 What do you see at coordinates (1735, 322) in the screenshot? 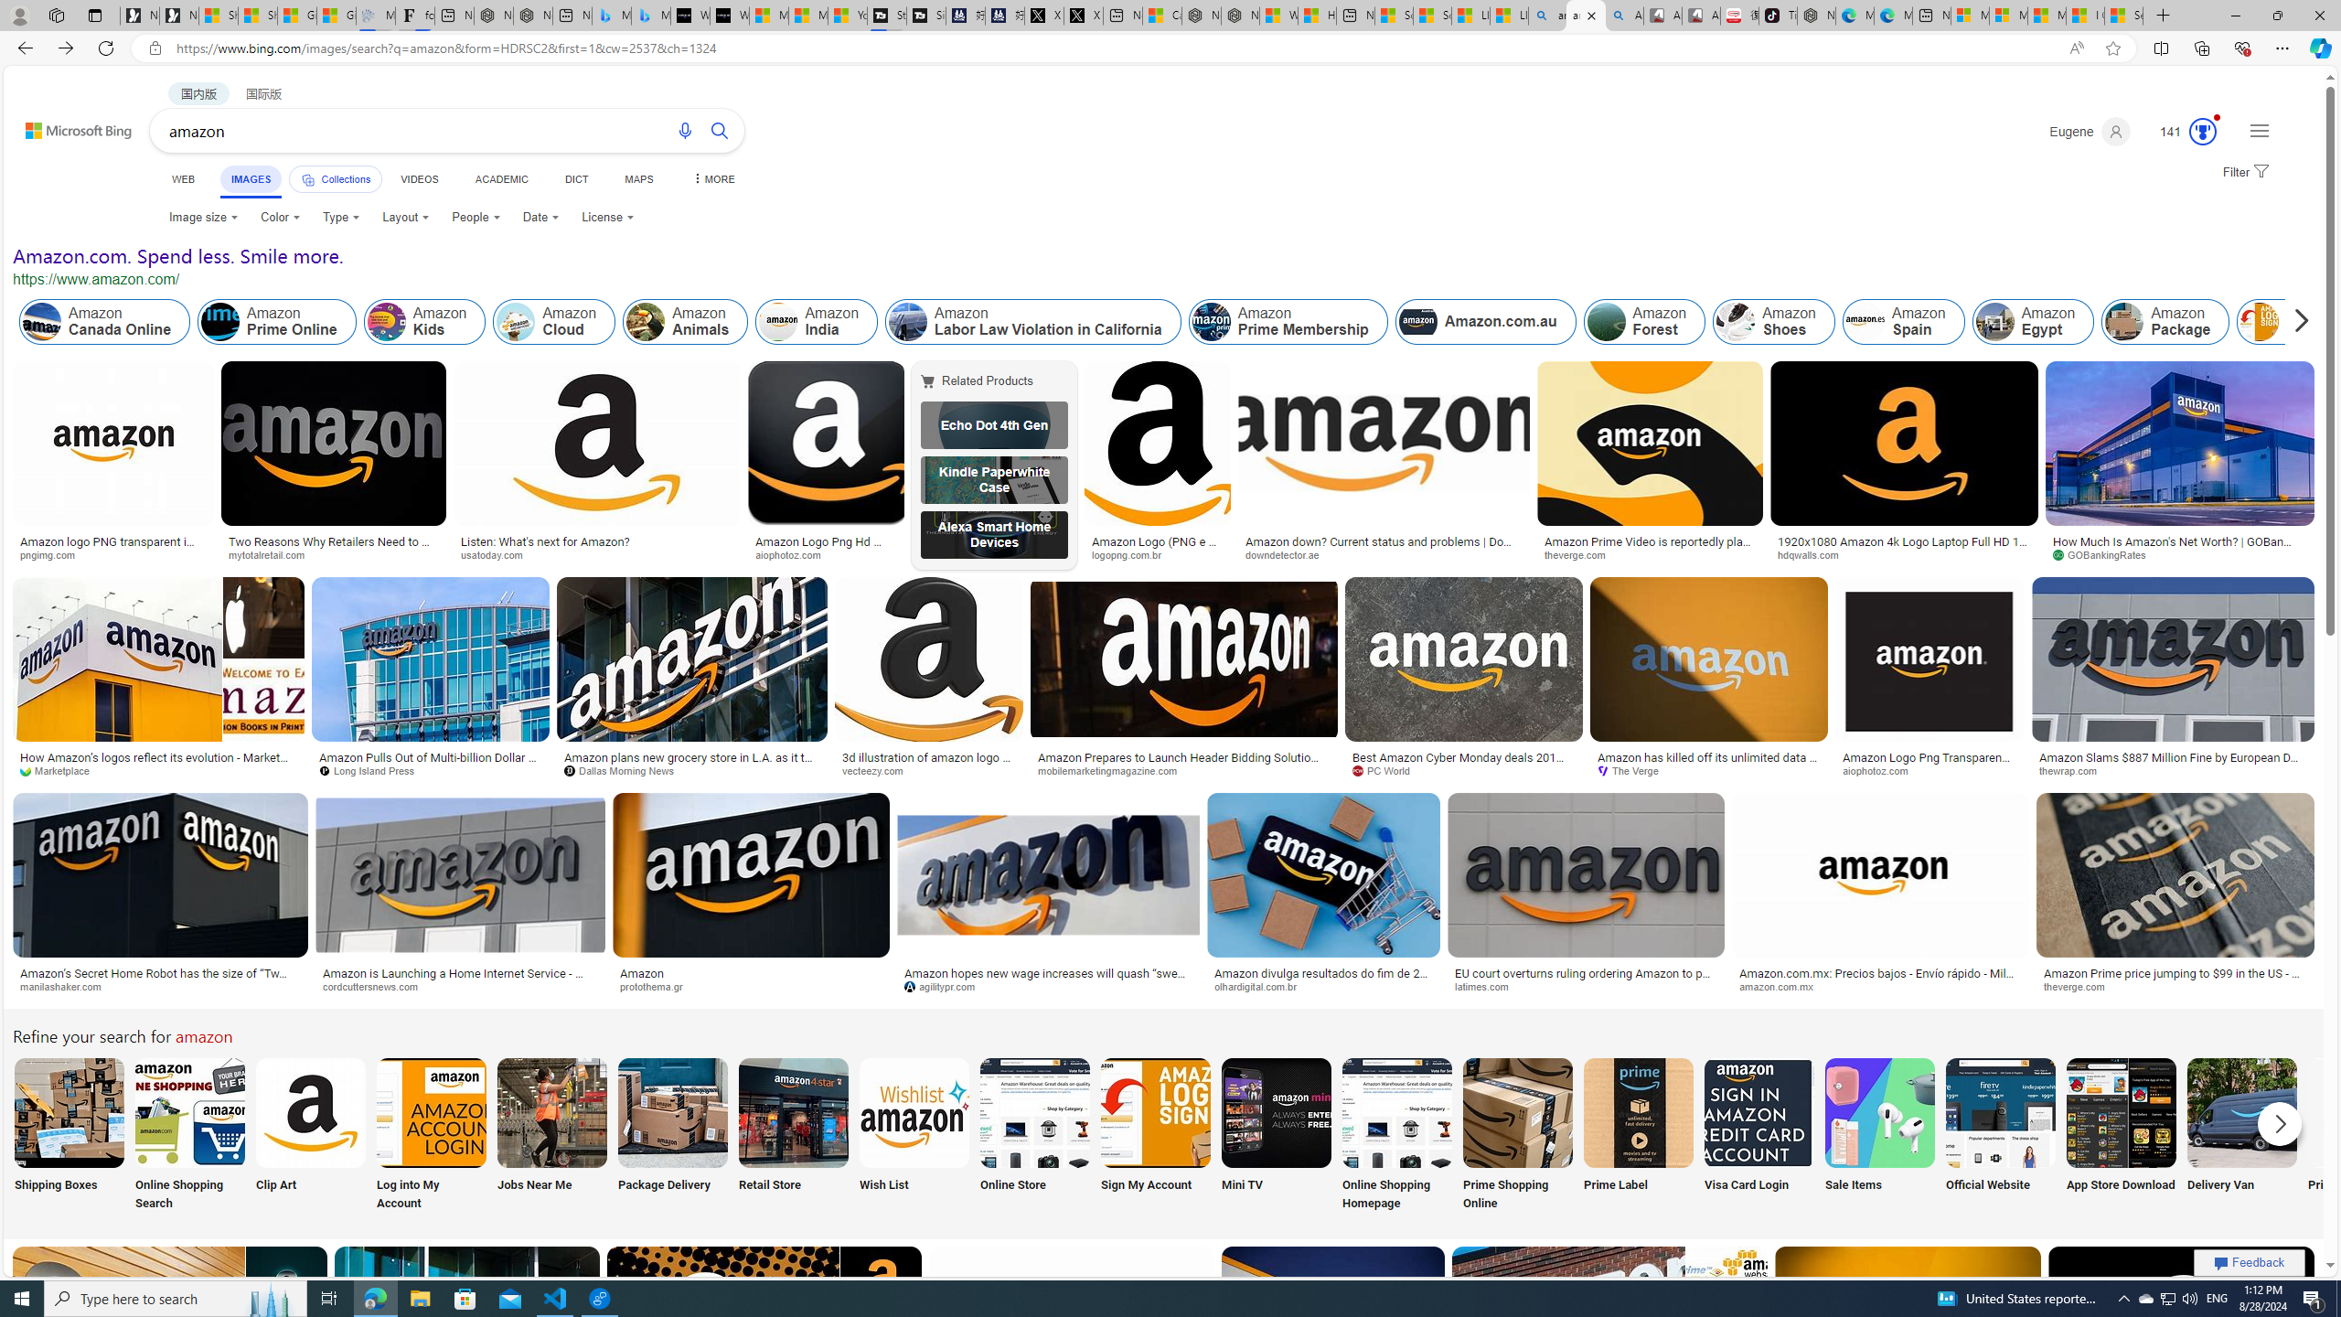
I see `'Amazon Shoes'` at bounding box center [1735, 322].